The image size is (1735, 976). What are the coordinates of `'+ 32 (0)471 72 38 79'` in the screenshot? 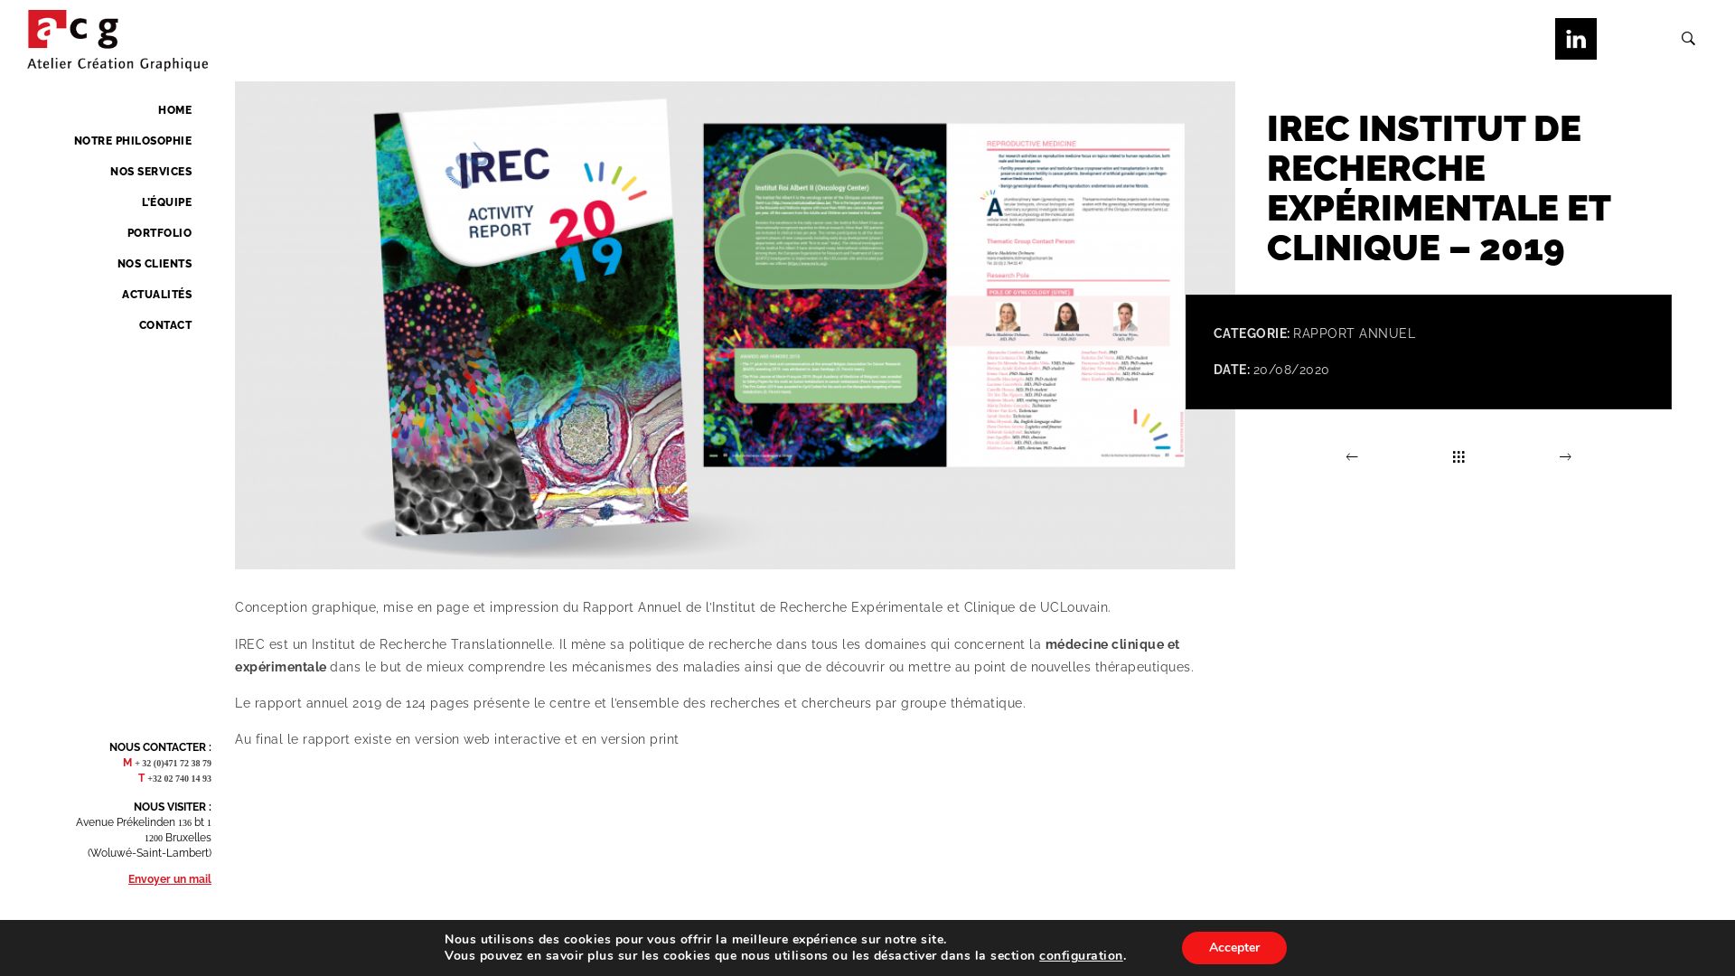 It's located at (173, 763).